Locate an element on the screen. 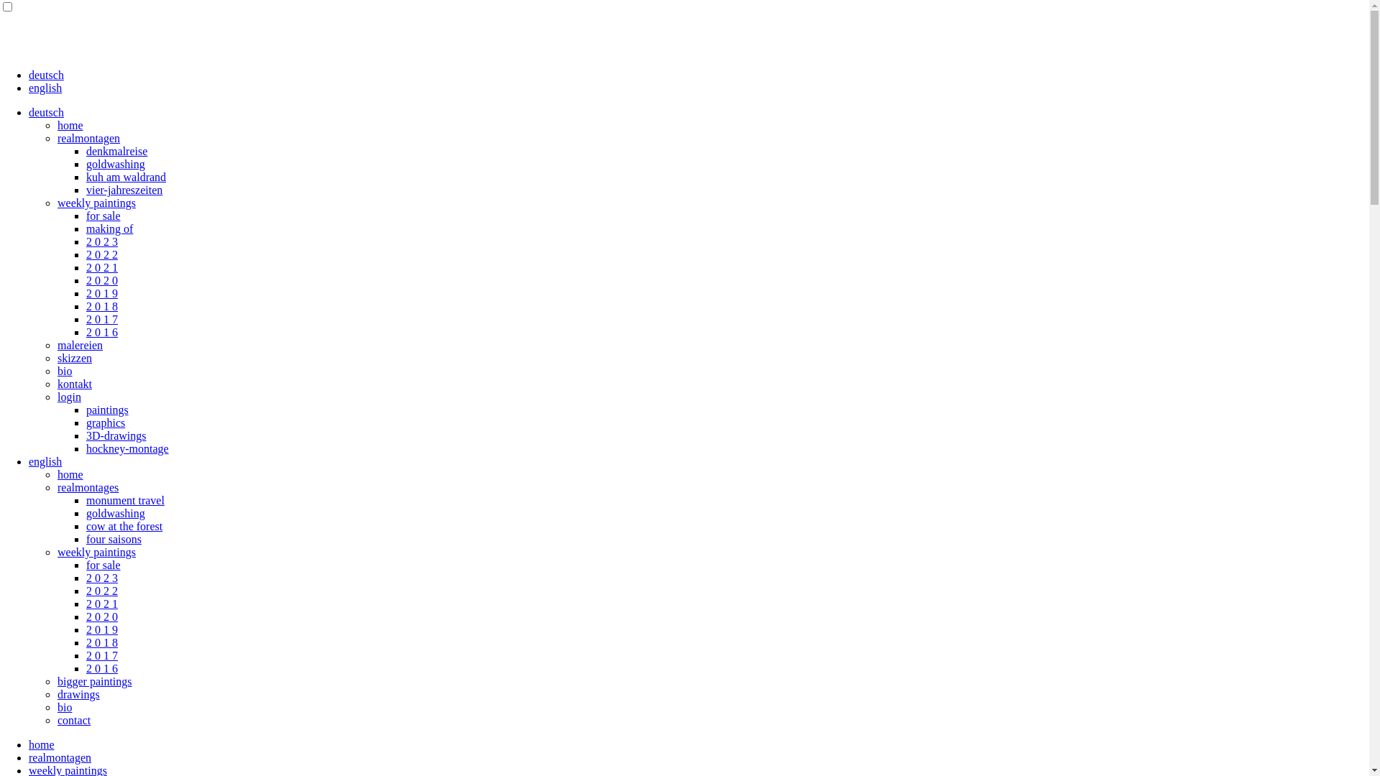  '2 0 2 1' is located at coordinates (101, 267).